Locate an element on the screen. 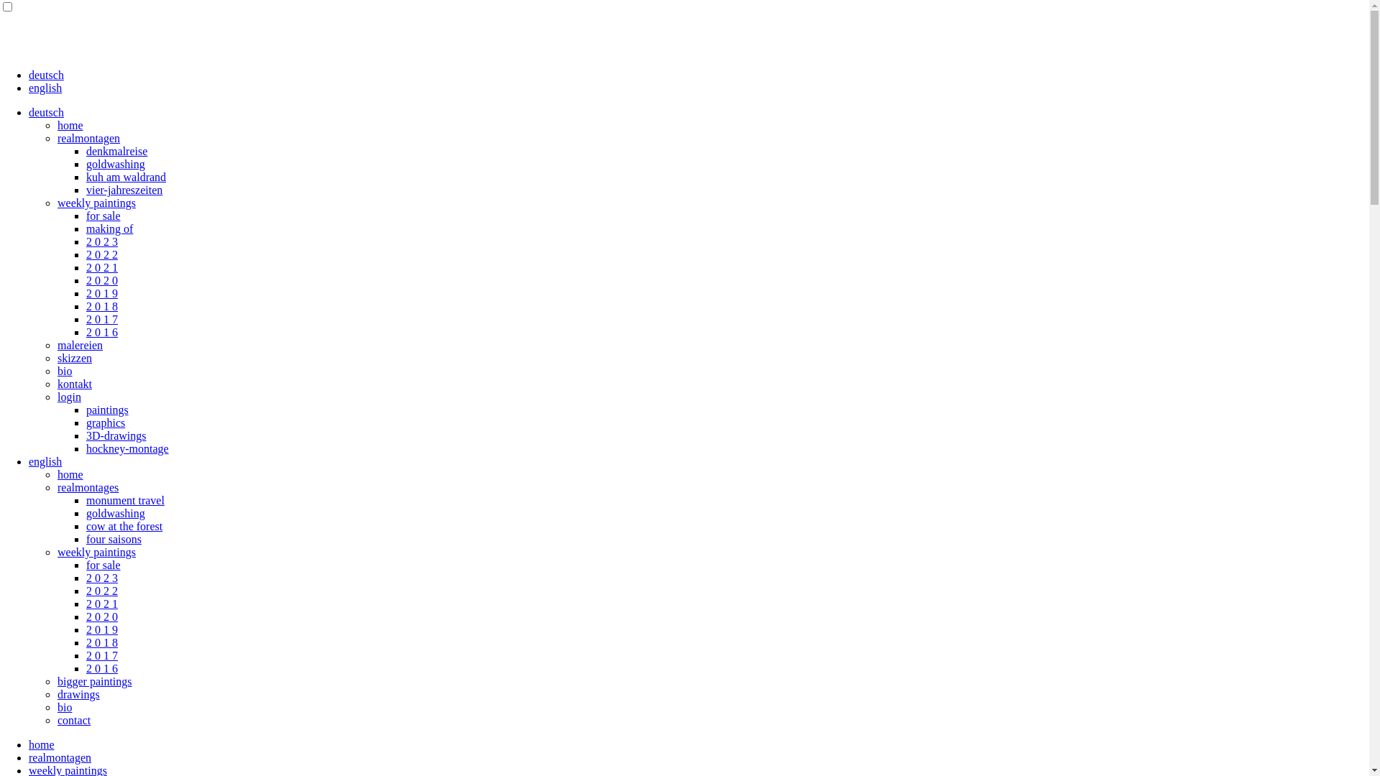  '2 0 2 1' is located at coordinates (101, 267).